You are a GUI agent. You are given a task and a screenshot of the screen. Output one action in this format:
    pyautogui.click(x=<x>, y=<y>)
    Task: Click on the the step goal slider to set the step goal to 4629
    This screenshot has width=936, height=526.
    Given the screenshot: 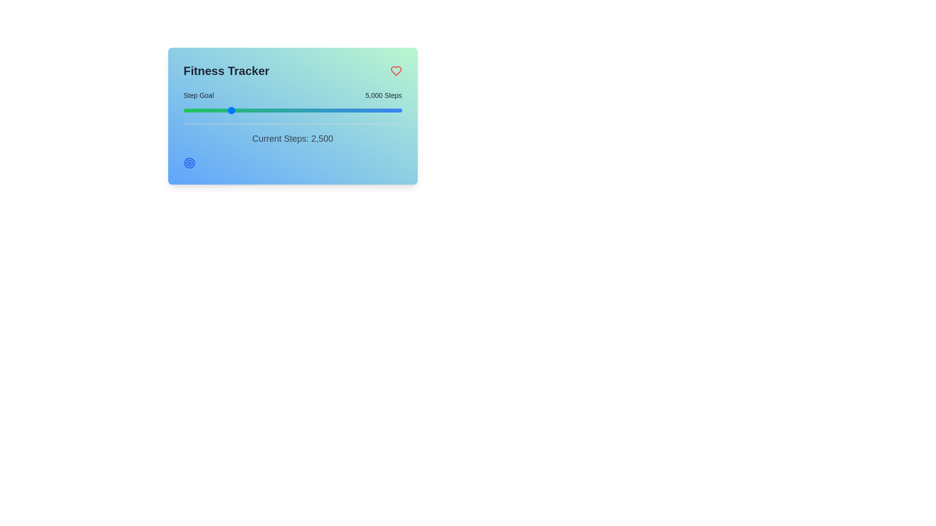 What is the action you would take?
    pyautogui.click(x=225, y=110)
    